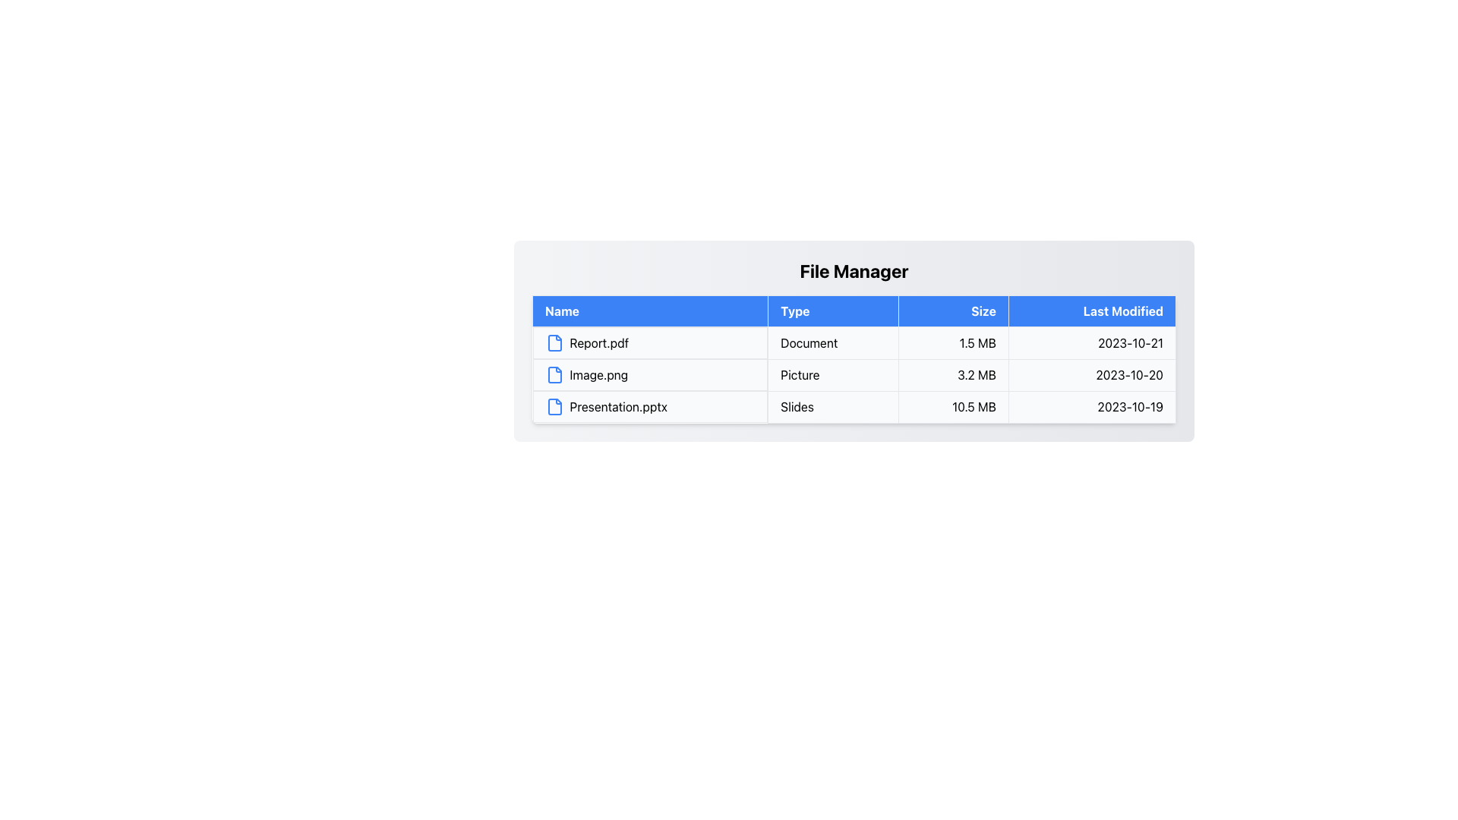 The width and height of the screenshot is (1458, 820). What do you see at coordinates (554, 342) in the screenshot?
I see `the file type icon for 'Report.pdf' located in the 'Name' column of the first row in the 'File Manager' table` at bounding box center [554, 342].